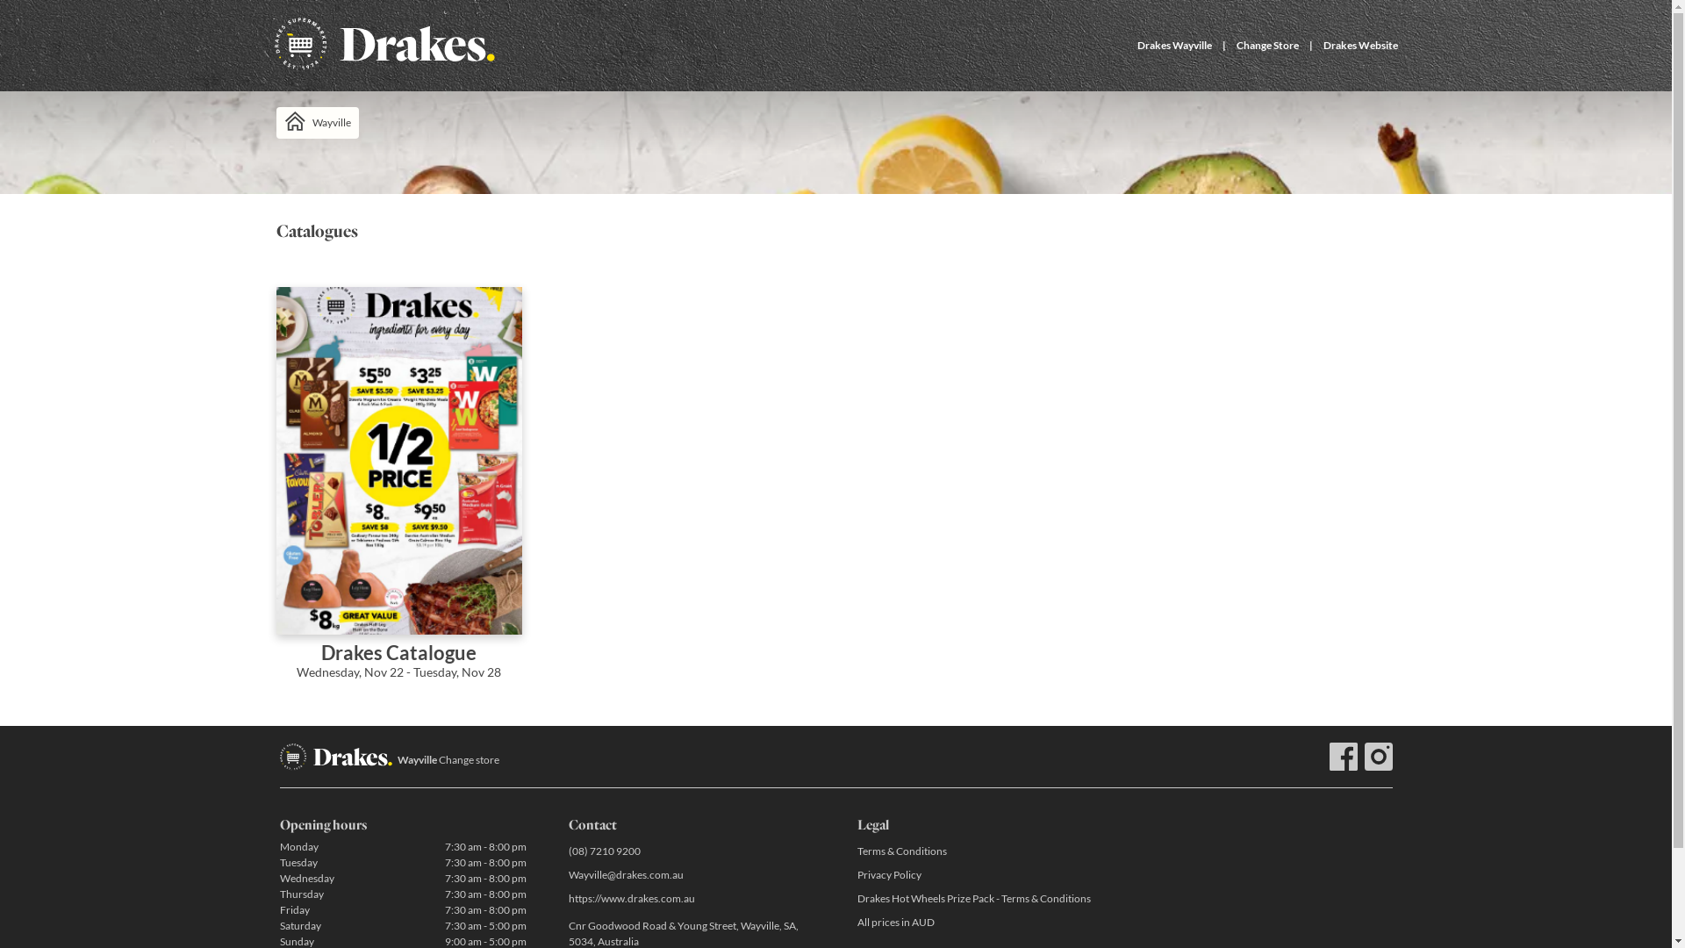 The image size is (1685, 948). What do you see at coordinates (1342, 755) in the screenshot?
I see `'Facebook'` at bounding box center [1342, 755].